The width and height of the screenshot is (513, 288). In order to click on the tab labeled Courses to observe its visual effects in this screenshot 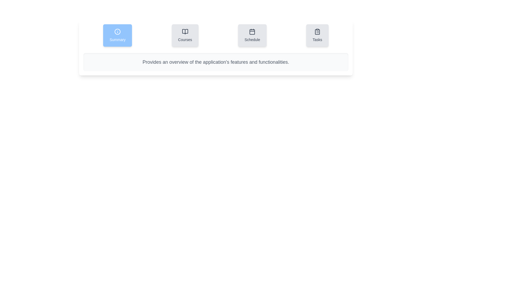, I will do `click(185, 35)`.